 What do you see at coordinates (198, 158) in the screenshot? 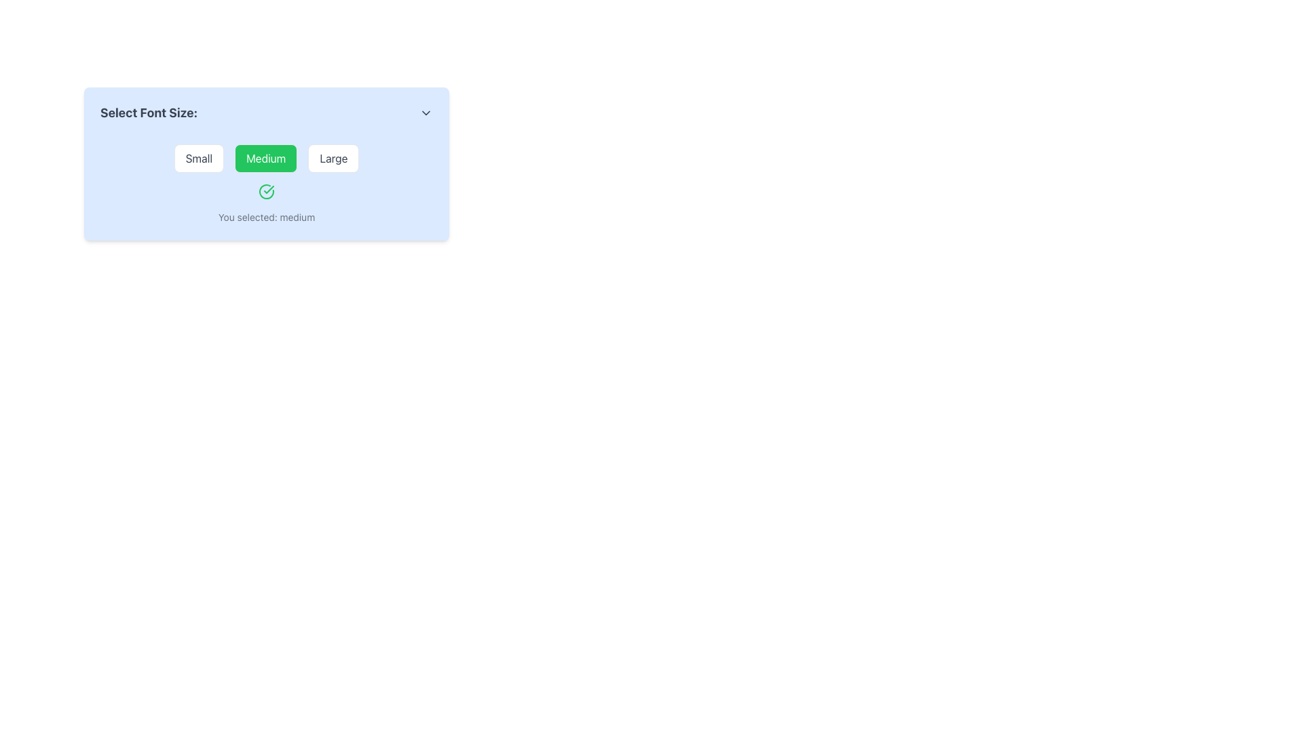
I see `the 'Small' font size button located in the center portion of the 'Select Font Size' card, which is the first button in a group of three buttons aligned horizontally` at bounding box center [198, 158].